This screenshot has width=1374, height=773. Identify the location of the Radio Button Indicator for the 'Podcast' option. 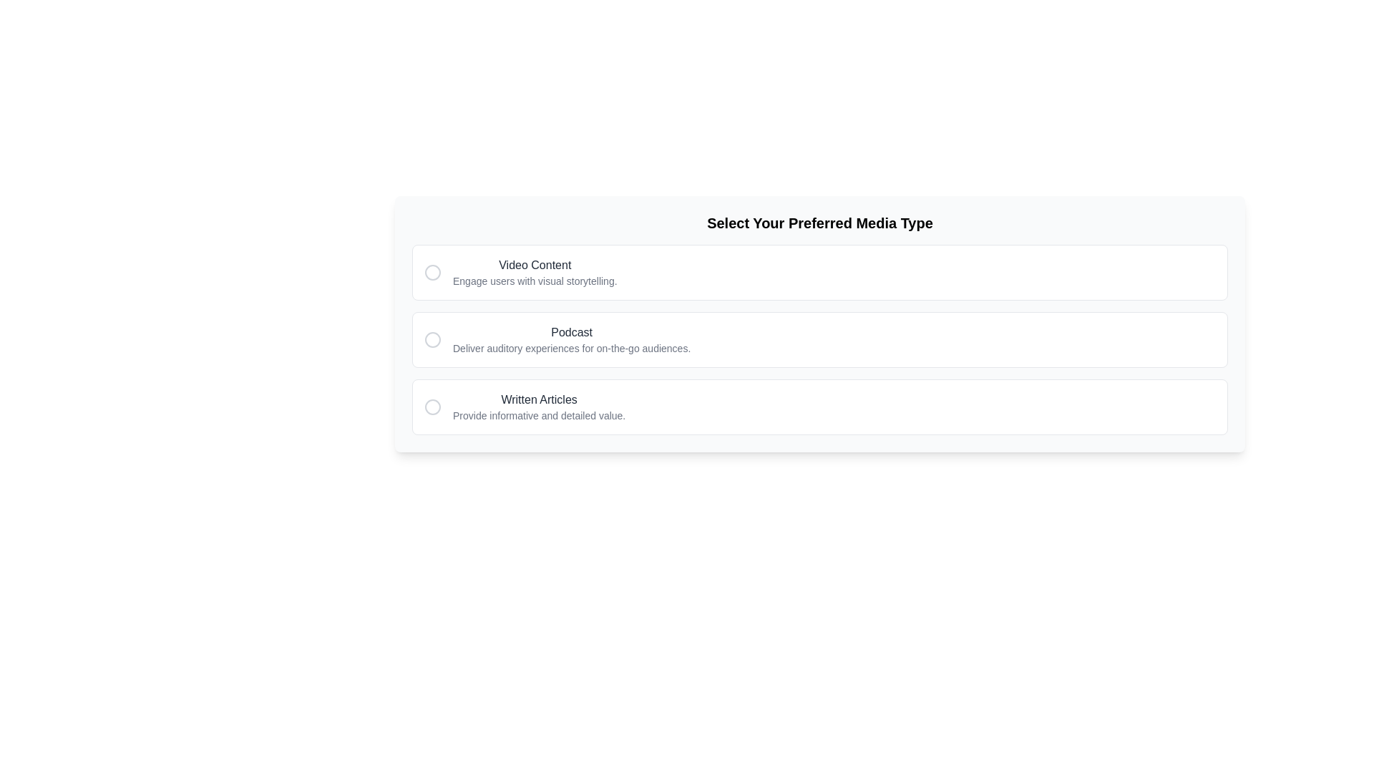
(432, 339).